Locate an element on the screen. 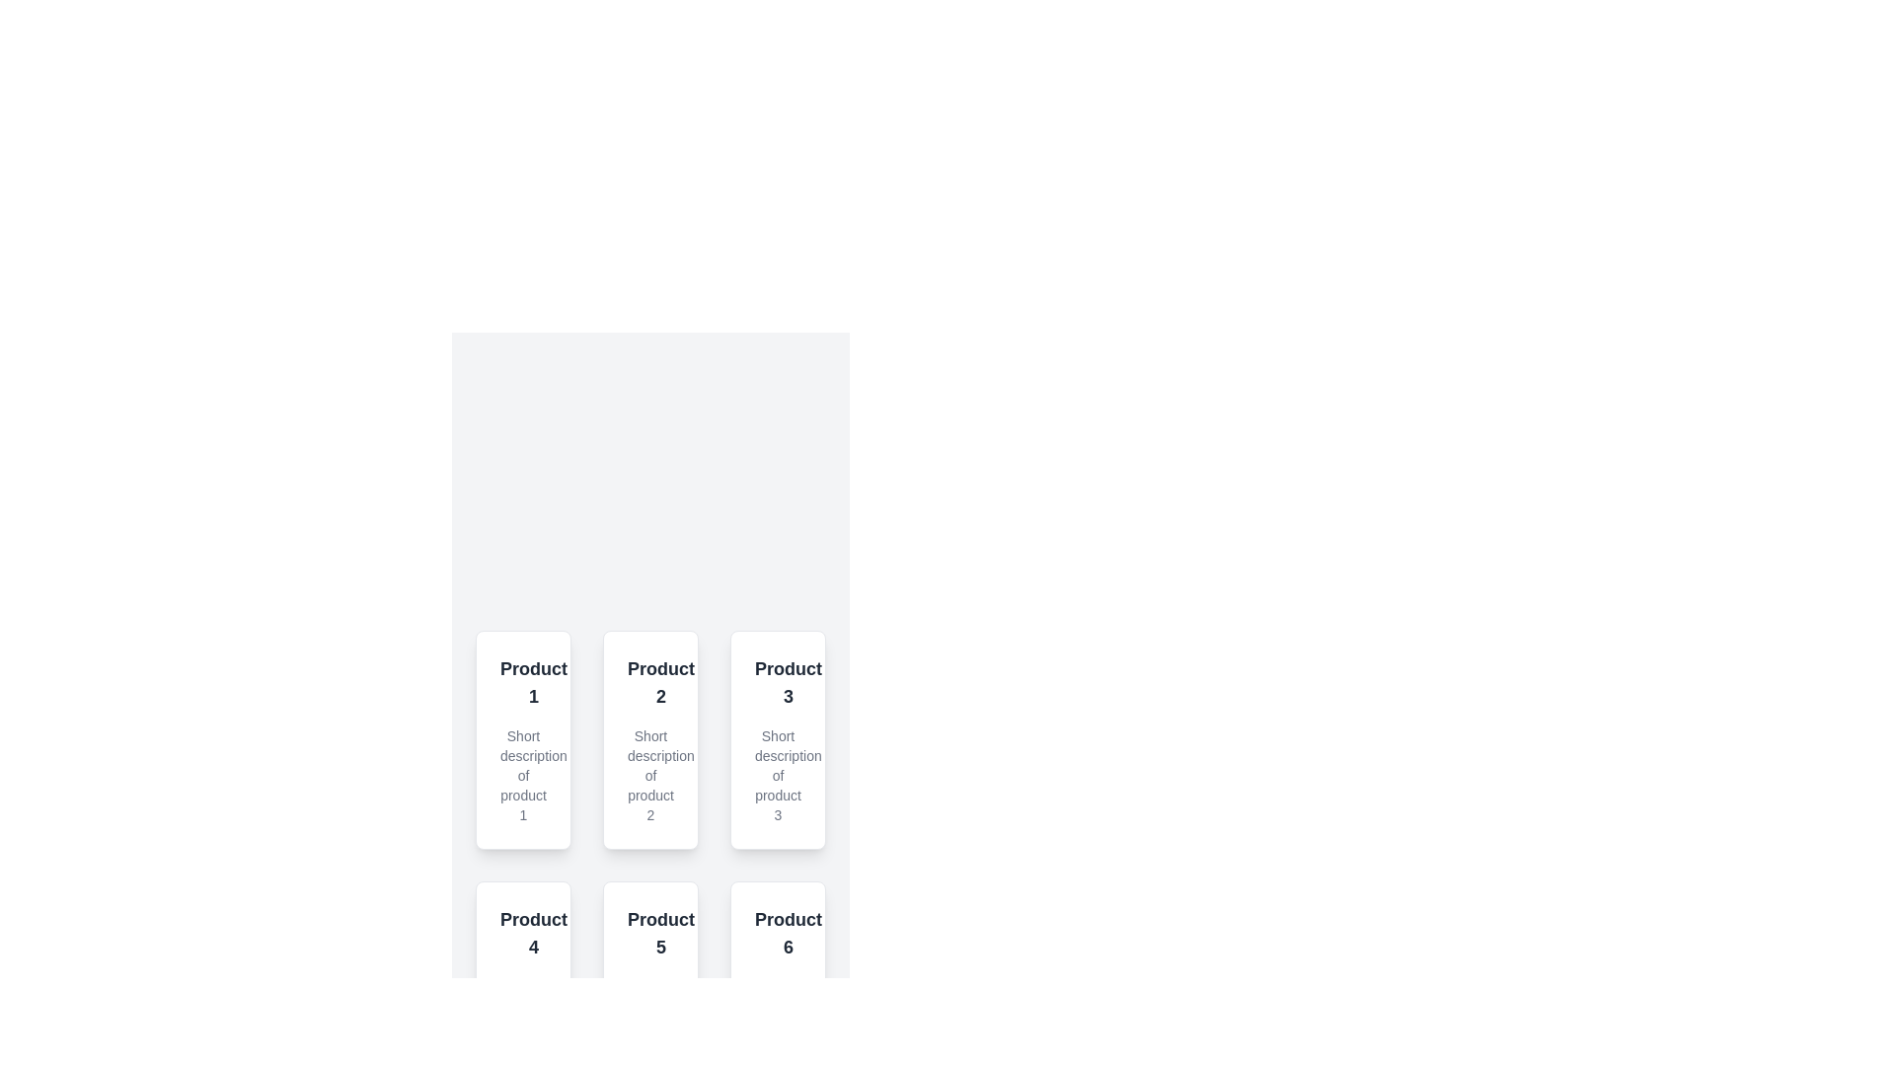 The image size is (1895, 1066). the product title text label displayed above the related graphical elements in the product card, located in the second row, middle column under product number 2 is located at coordinates (661, 933).